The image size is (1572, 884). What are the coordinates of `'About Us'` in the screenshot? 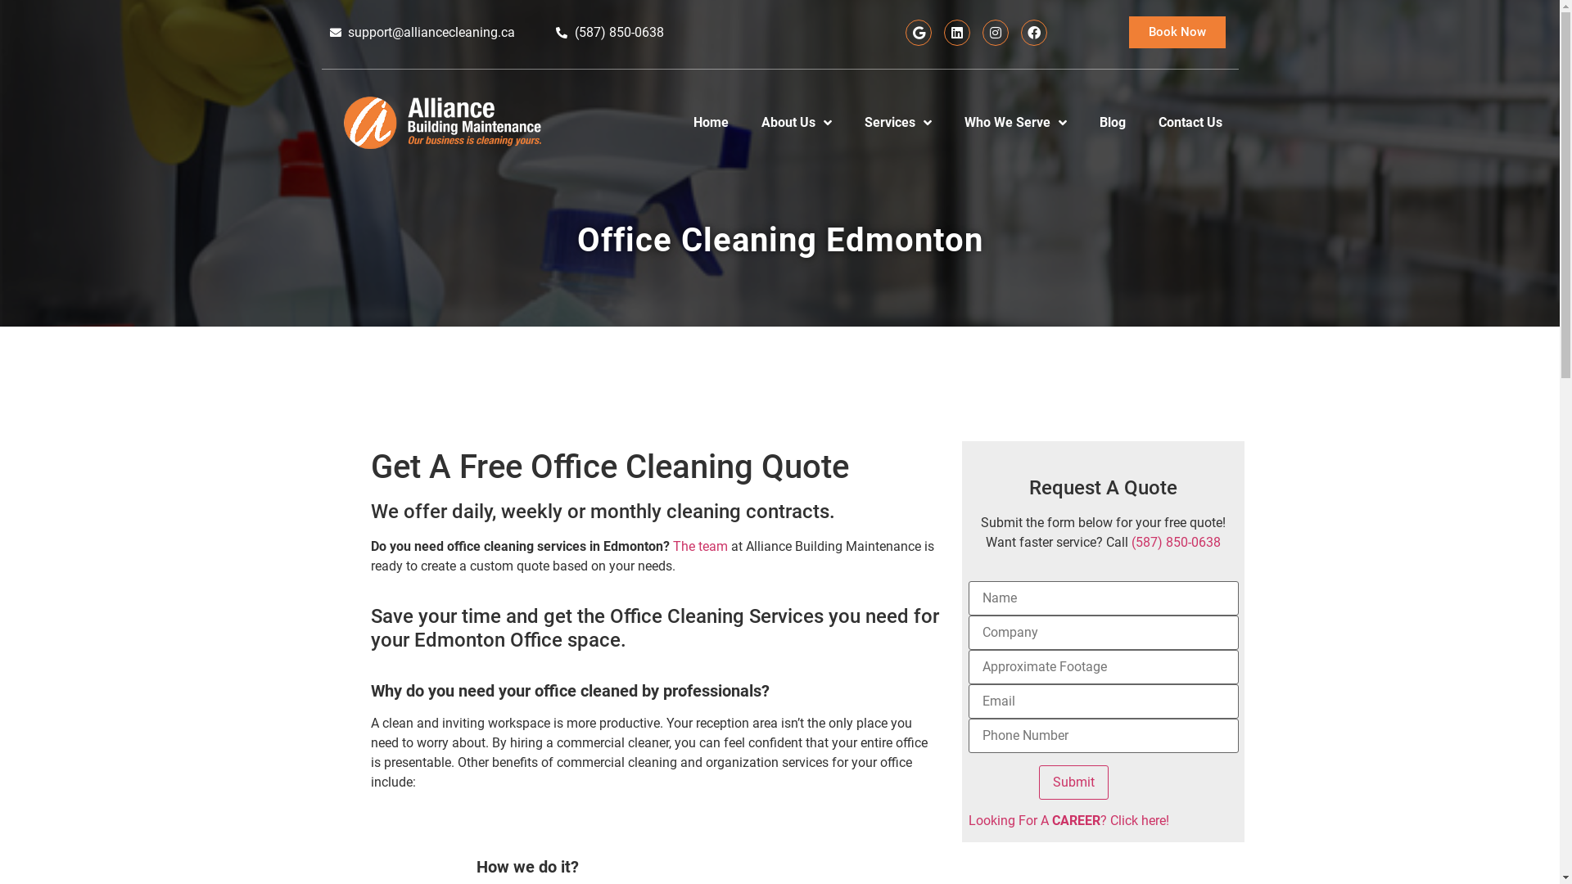 It's located at (797, 123).